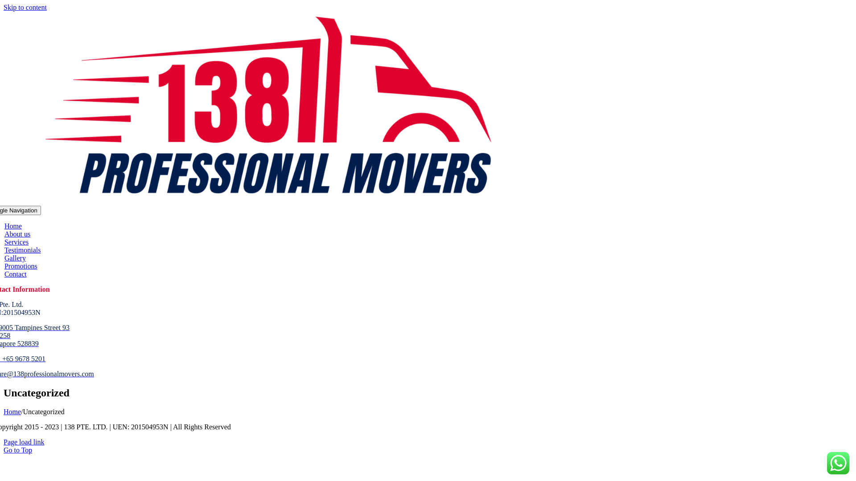  What do you see at coordinates (4, 225) in the screenshot?
I see `'Home'` at bounding box center [4, 225].